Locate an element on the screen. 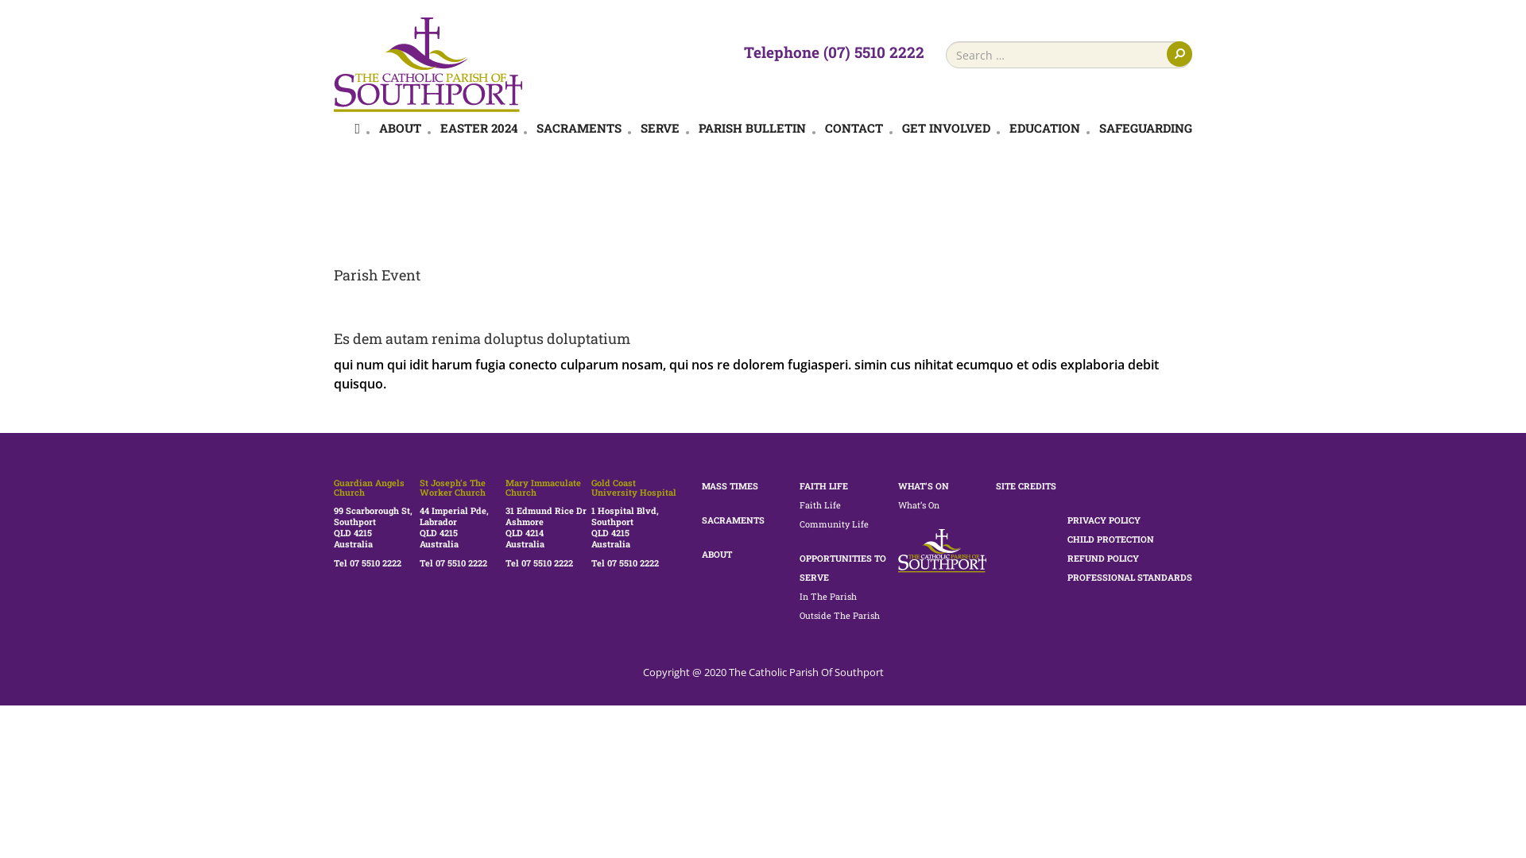  'REFUND POLICY' is located at coordinates (1102, 557).